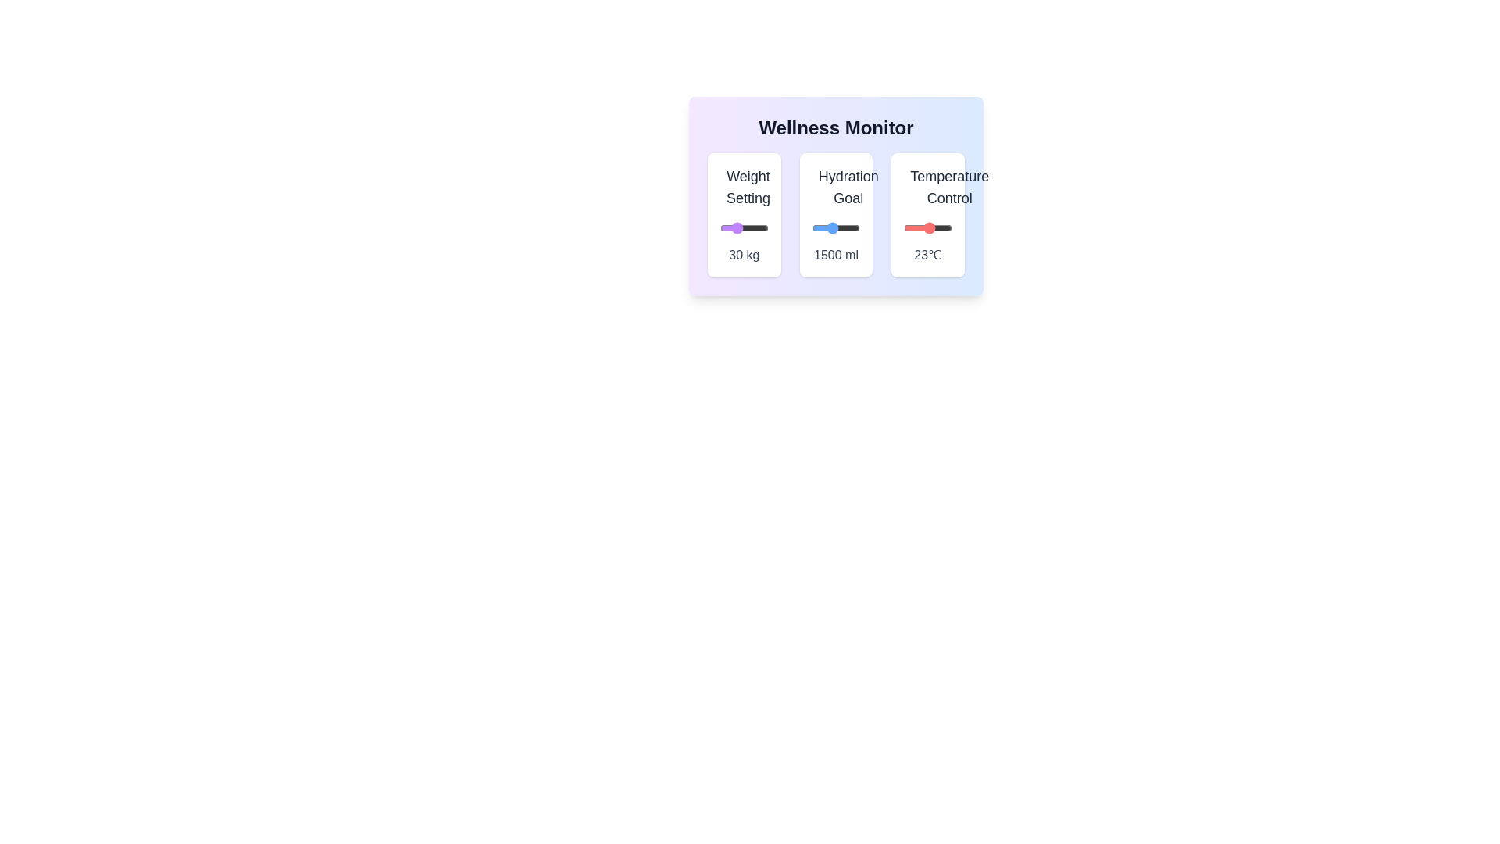 Image resolution: width=1500 pixels, height=844 pixels. Describe the element at coordinates (730, 228) in the screenshot. I see `weight` at that location.